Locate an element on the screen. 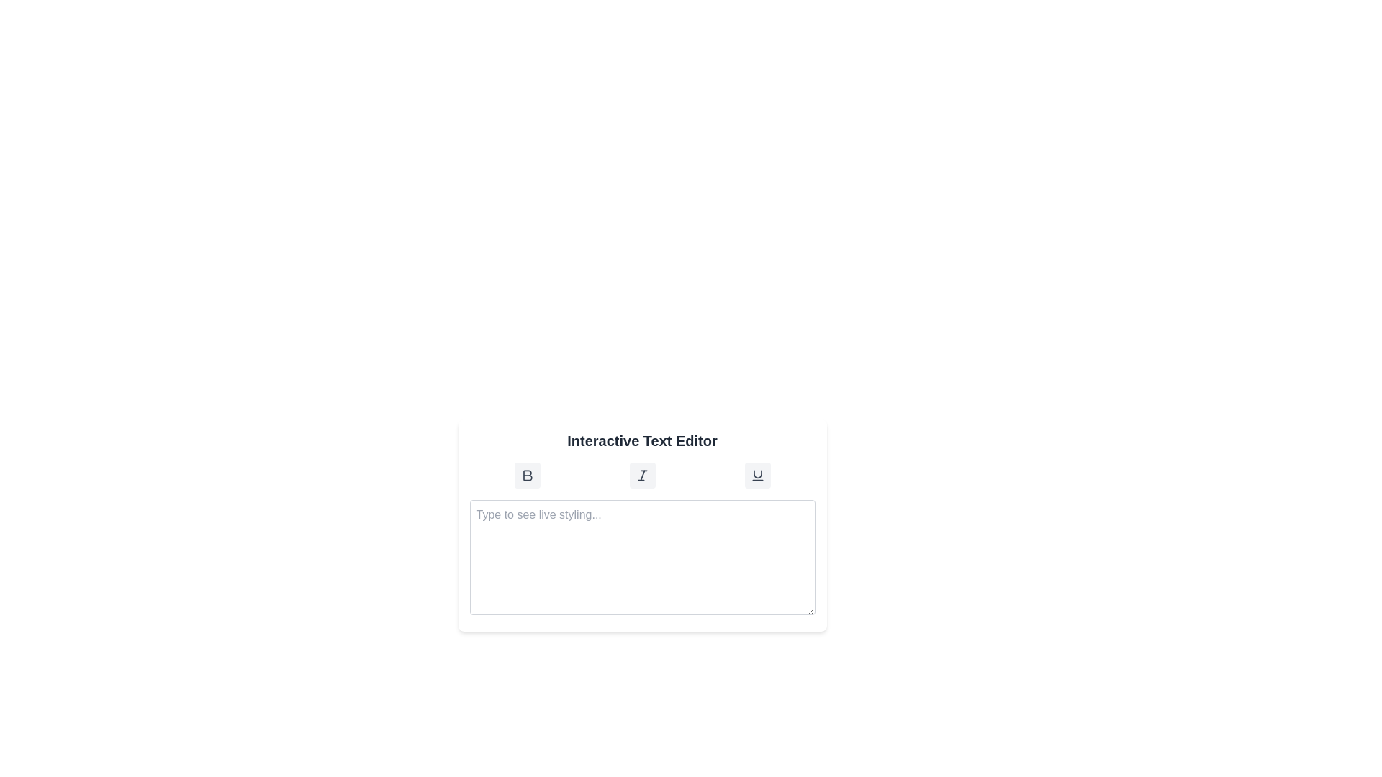 Image resolution: width=1382 pixels, height=777 pixels. text 'Interactive Text Editor' displayed prominently at the top of the box, which is dark gray and bold is located at coordinates (641, 440).